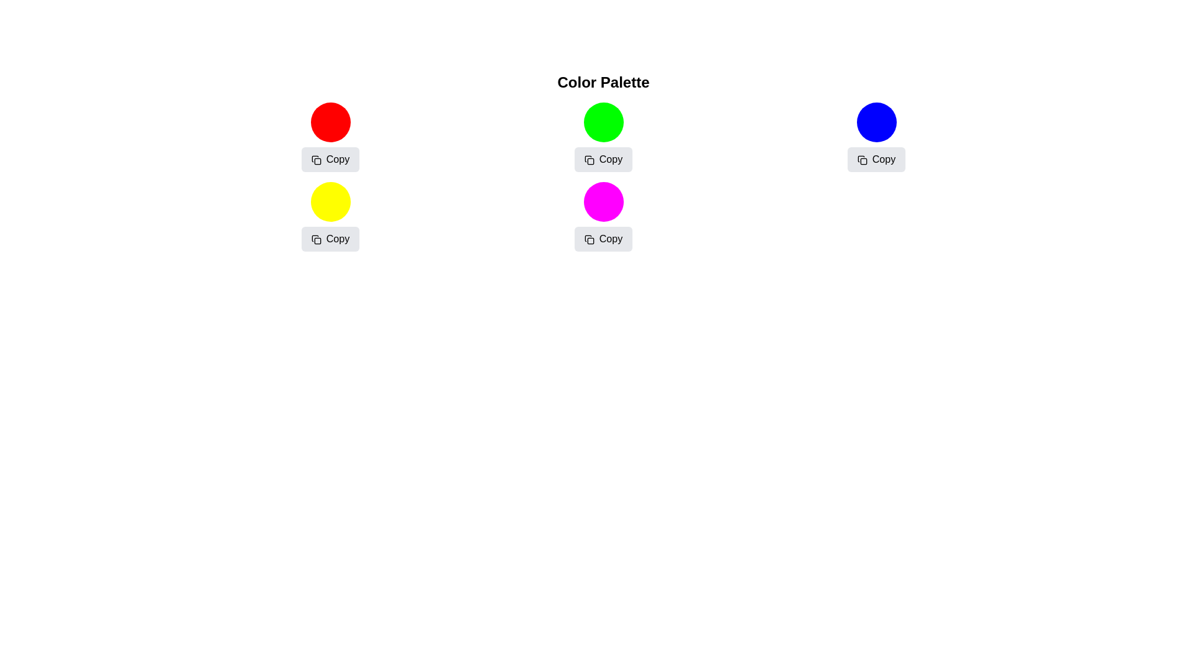 This screenshot has width=1194, height=671. I want to click on the 'Copy' button with a clipboard icon located below the pink circle in the 'Color Palette' column to change its background color, so click(603, 239).